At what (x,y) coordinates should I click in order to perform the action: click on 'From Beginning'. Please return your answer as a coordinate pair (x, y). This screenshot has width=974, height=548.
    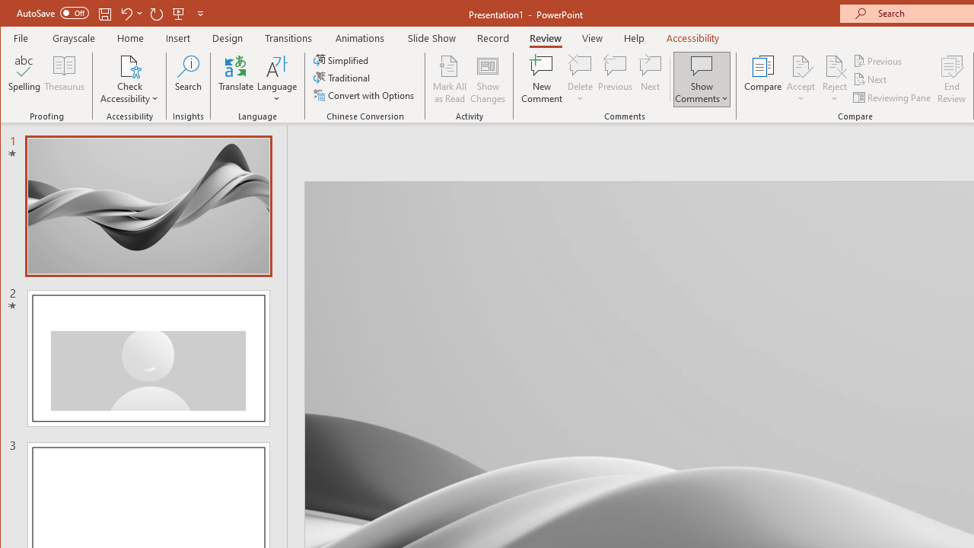
    Looking at the image, I should click on (179, 13).